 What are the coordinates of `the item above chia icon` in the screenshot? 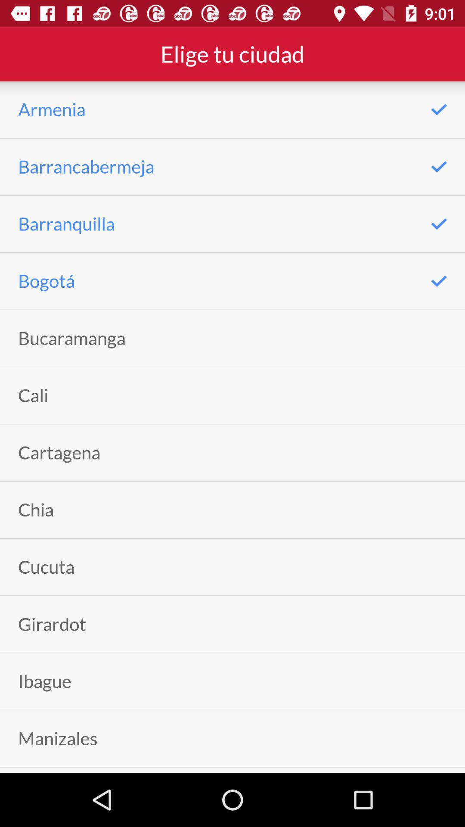 It's located at (59, 452).